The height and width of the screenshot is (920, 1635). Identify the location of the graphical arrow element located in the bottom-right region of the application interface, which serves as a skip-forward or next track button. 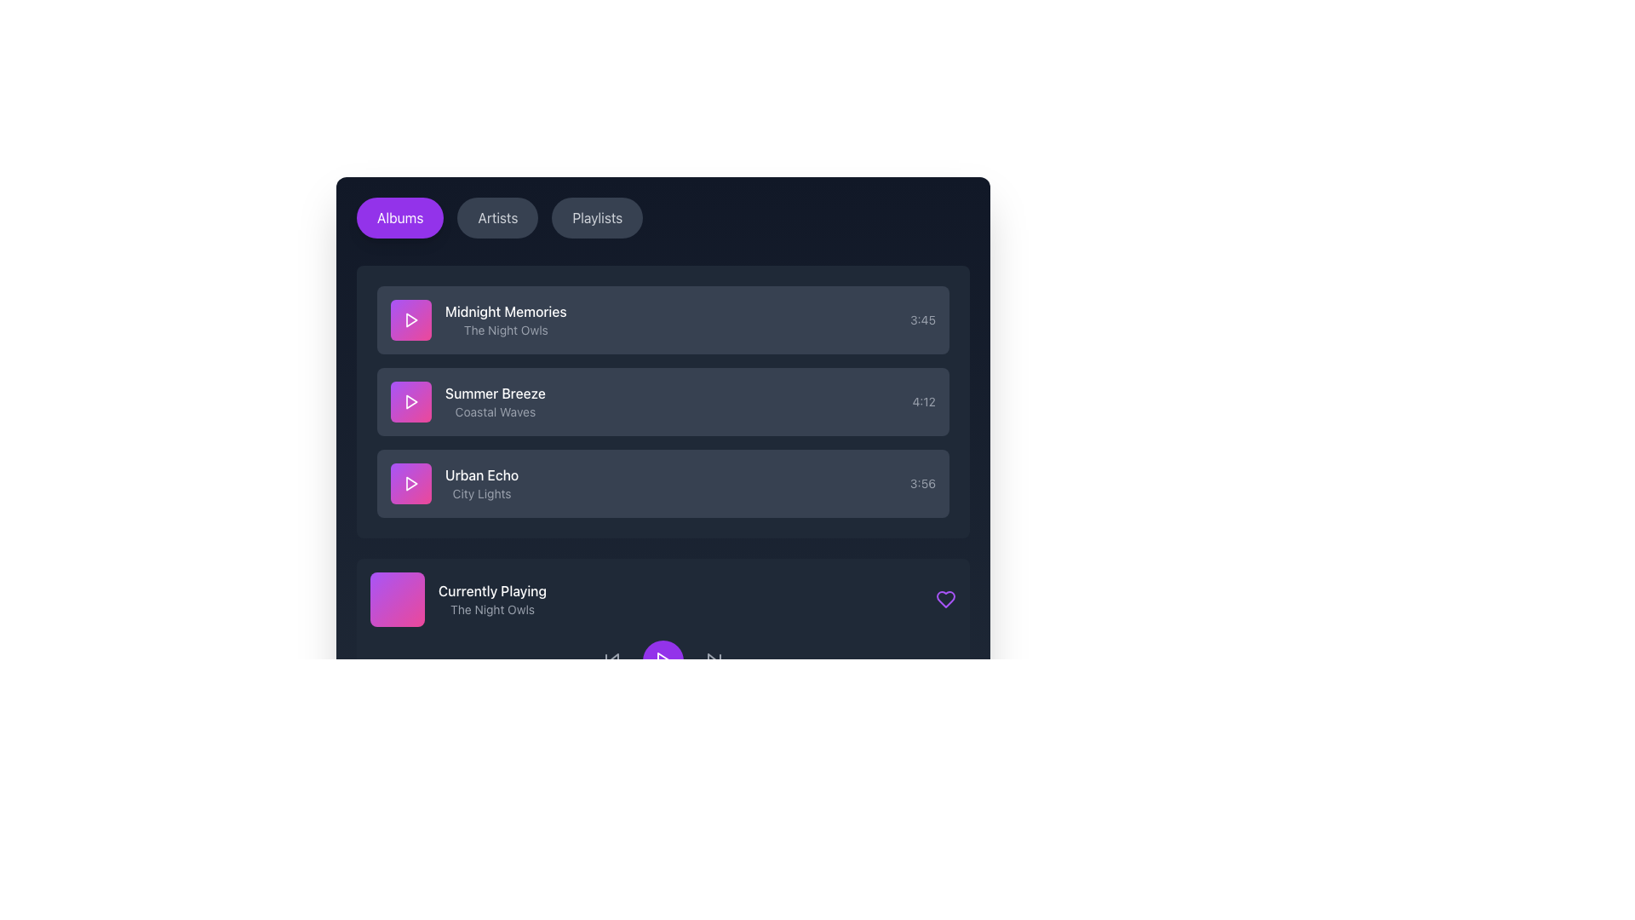
(712, 659).